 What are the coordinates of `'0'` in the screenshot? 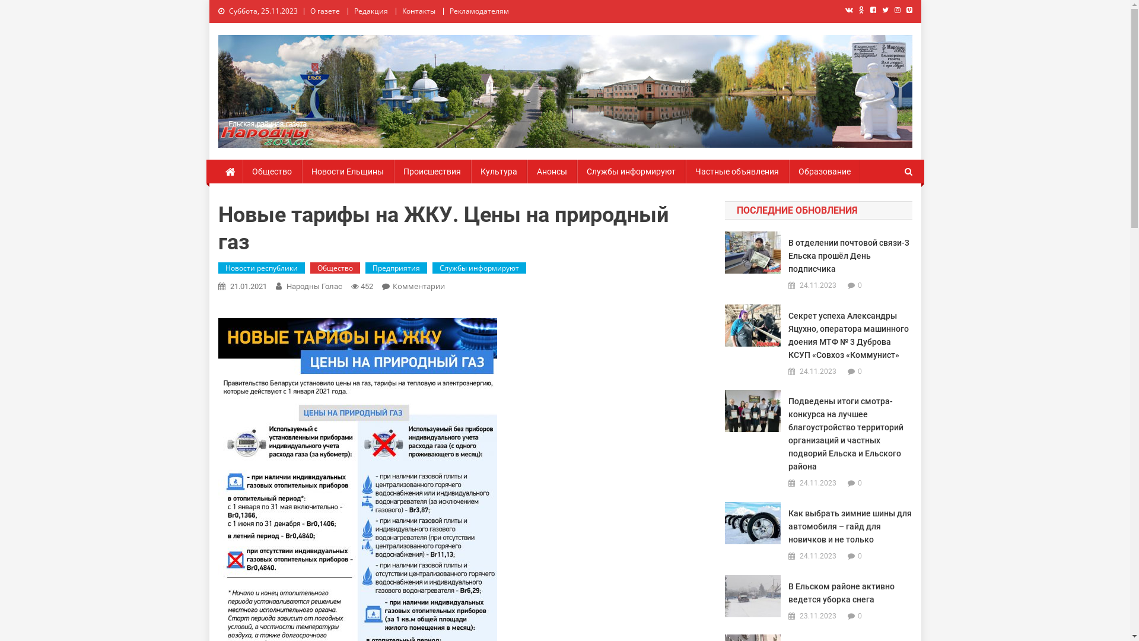 It's located at (857, 556).